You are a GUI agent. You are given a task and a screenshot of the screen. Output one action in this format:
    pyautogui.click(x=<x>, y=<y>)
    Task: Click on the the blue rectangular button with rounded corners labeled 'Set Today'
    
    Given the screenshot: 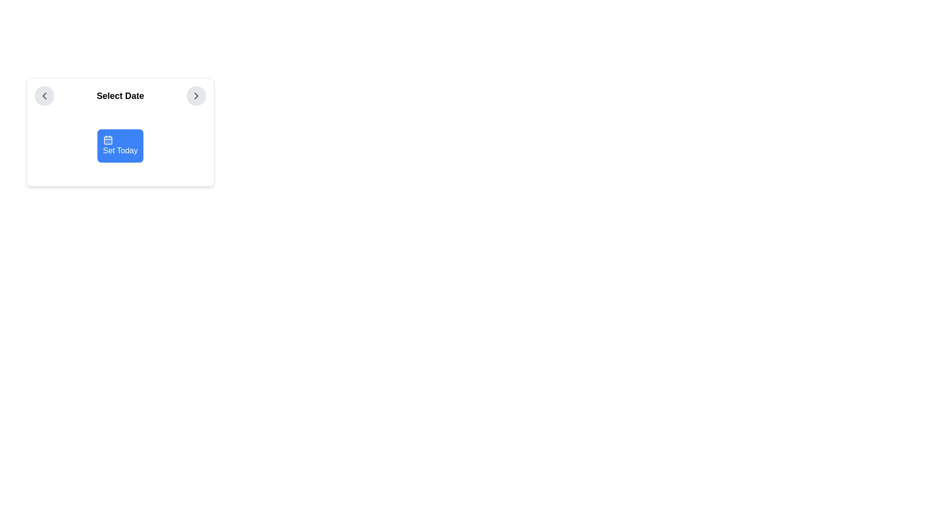 What is the action you would take?
    pyautogui.click(x=119, y=132)
    